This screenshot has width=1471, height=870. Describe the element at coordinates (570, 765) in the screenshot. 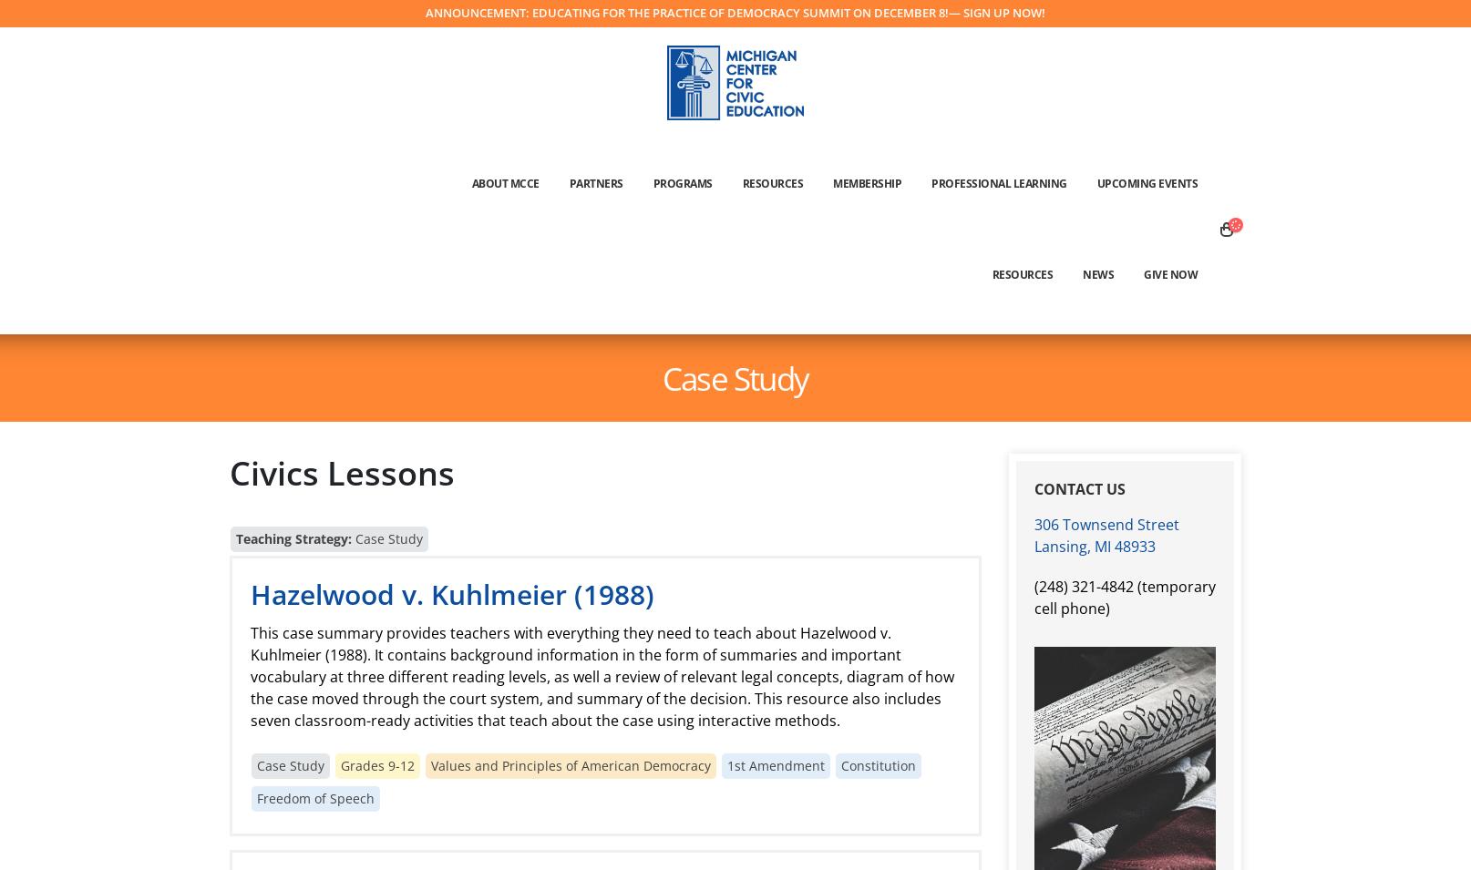

I see `'Values and Principles of American Democracy'` at that location.